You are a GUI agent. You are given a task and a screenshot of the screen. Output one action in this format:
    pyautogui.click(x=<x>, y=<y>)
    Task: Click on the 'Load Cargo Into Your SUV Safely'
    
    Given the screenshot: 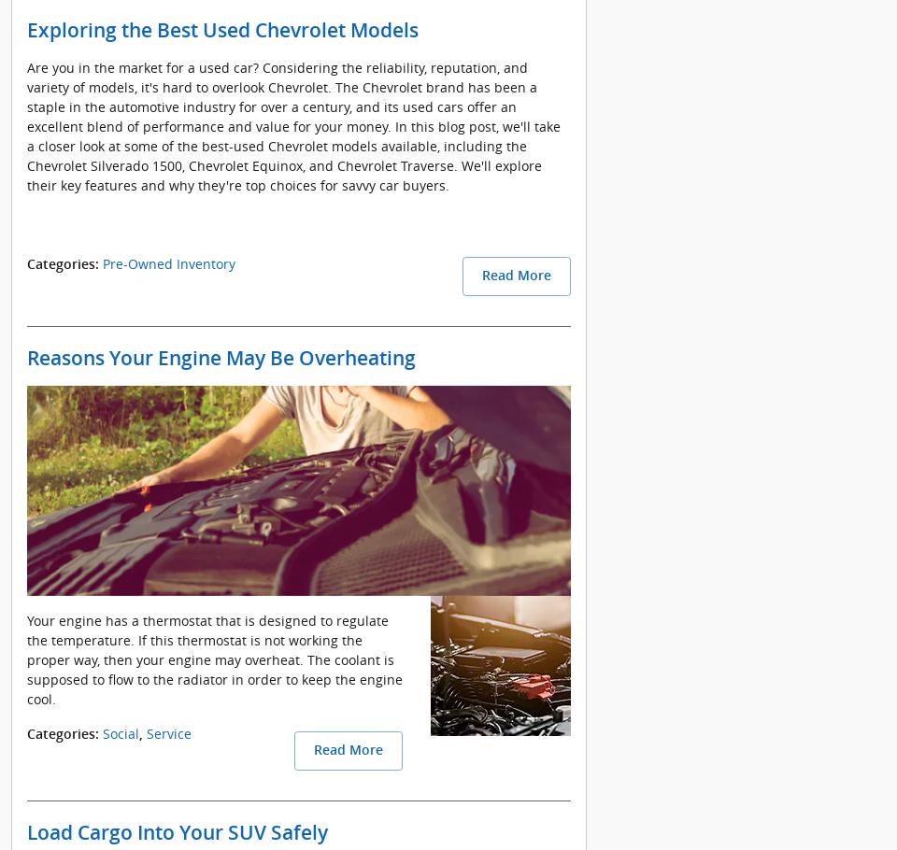 What is the action you would take?
    pyautogui.click(x=177, y=832)
    